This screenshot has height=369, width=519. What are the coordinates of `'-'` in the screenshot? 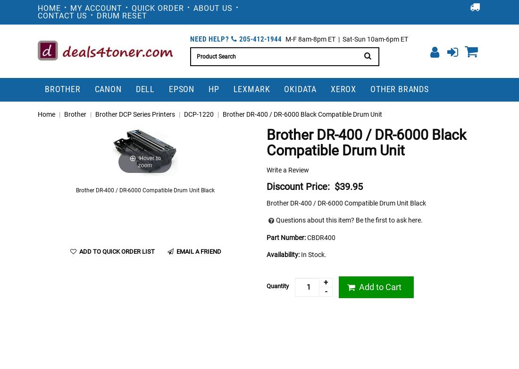 It's located at (325, 291).